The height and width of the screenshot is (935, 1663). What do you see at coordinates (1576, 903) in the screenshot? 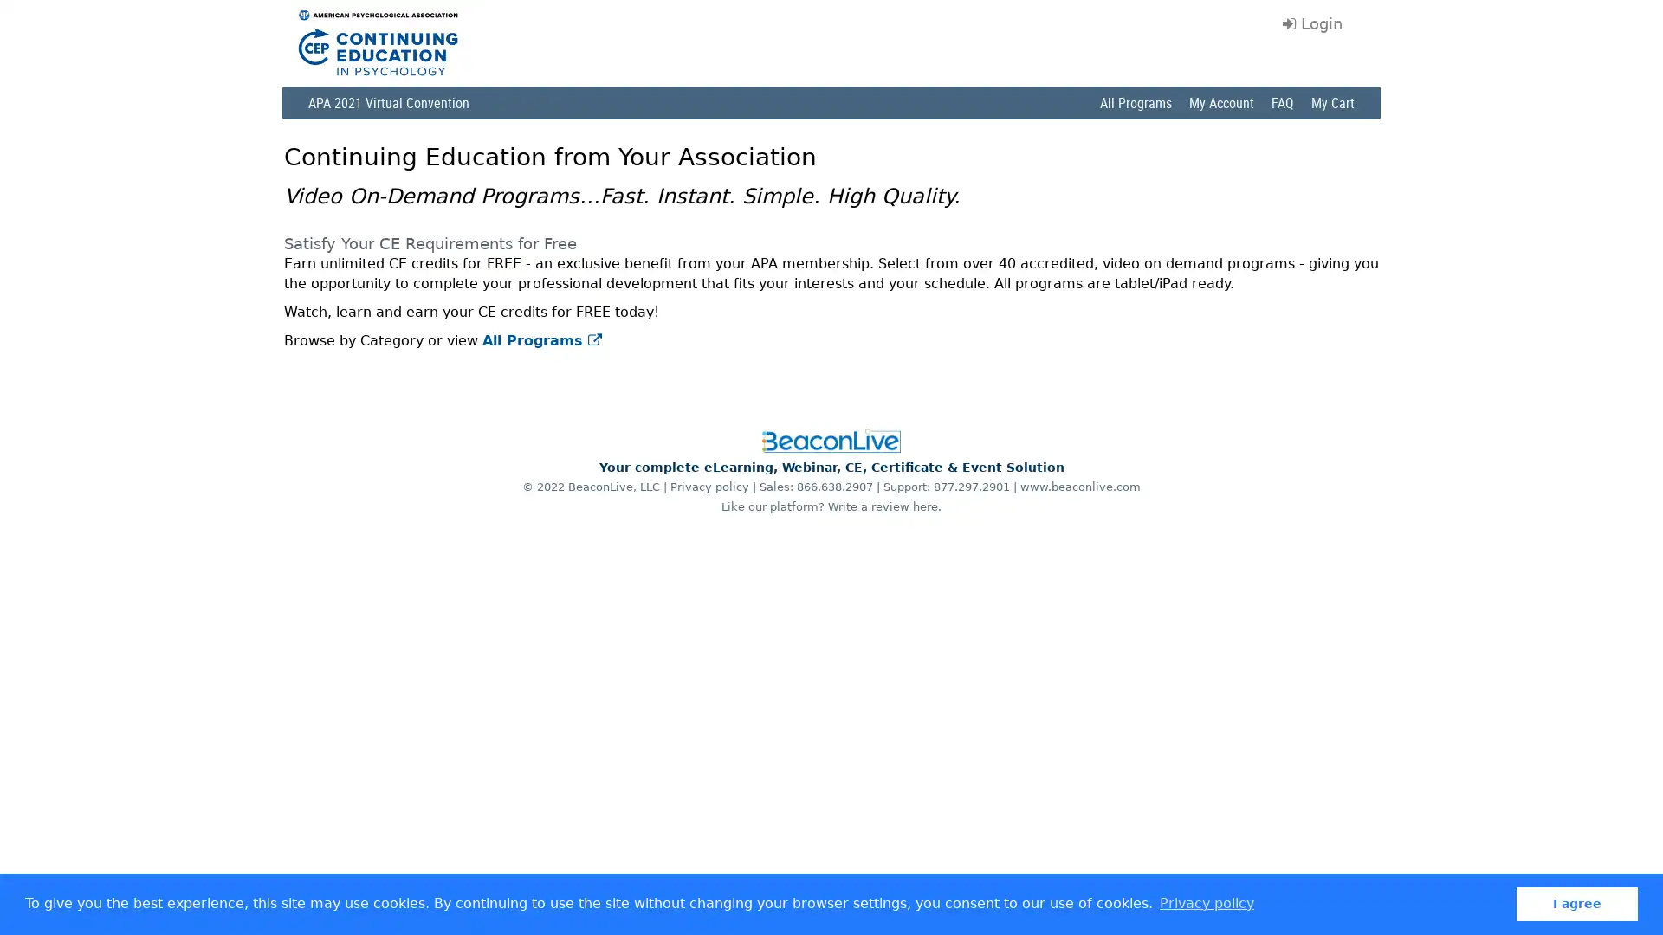
I see `dismiss cookie message` at bounding box center [1576, 903].